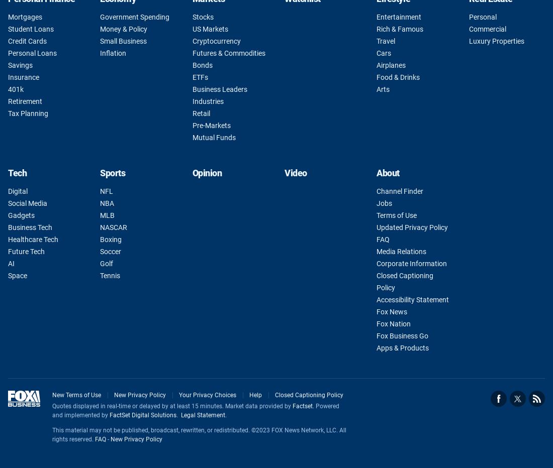  I want to click on 'Small Business', so click(123, 40).